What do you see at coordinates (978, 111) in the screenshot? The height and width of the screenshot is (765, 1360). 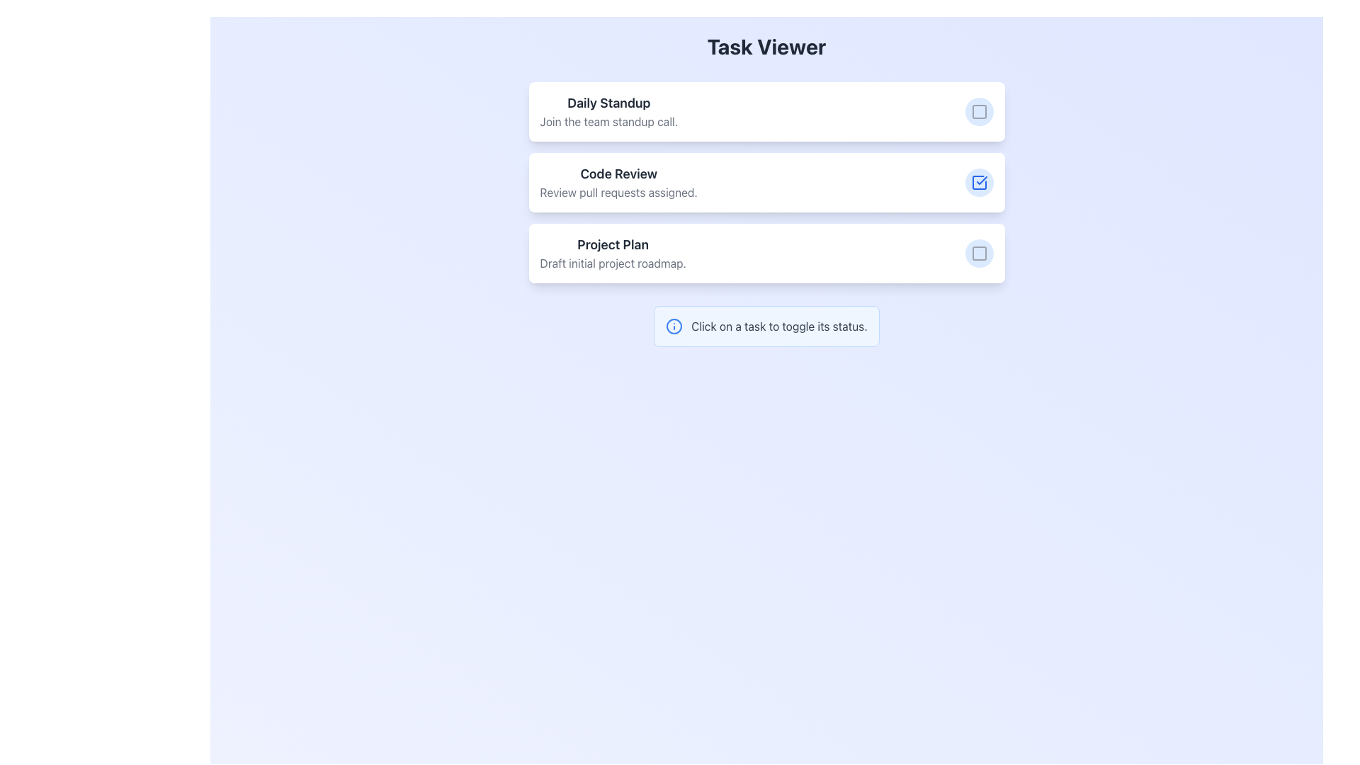 I see `the SVG Icon located inside the circular button at the right end of the first task row ('Daily Standup') in the task viewer` at bounding box center [978, 111].